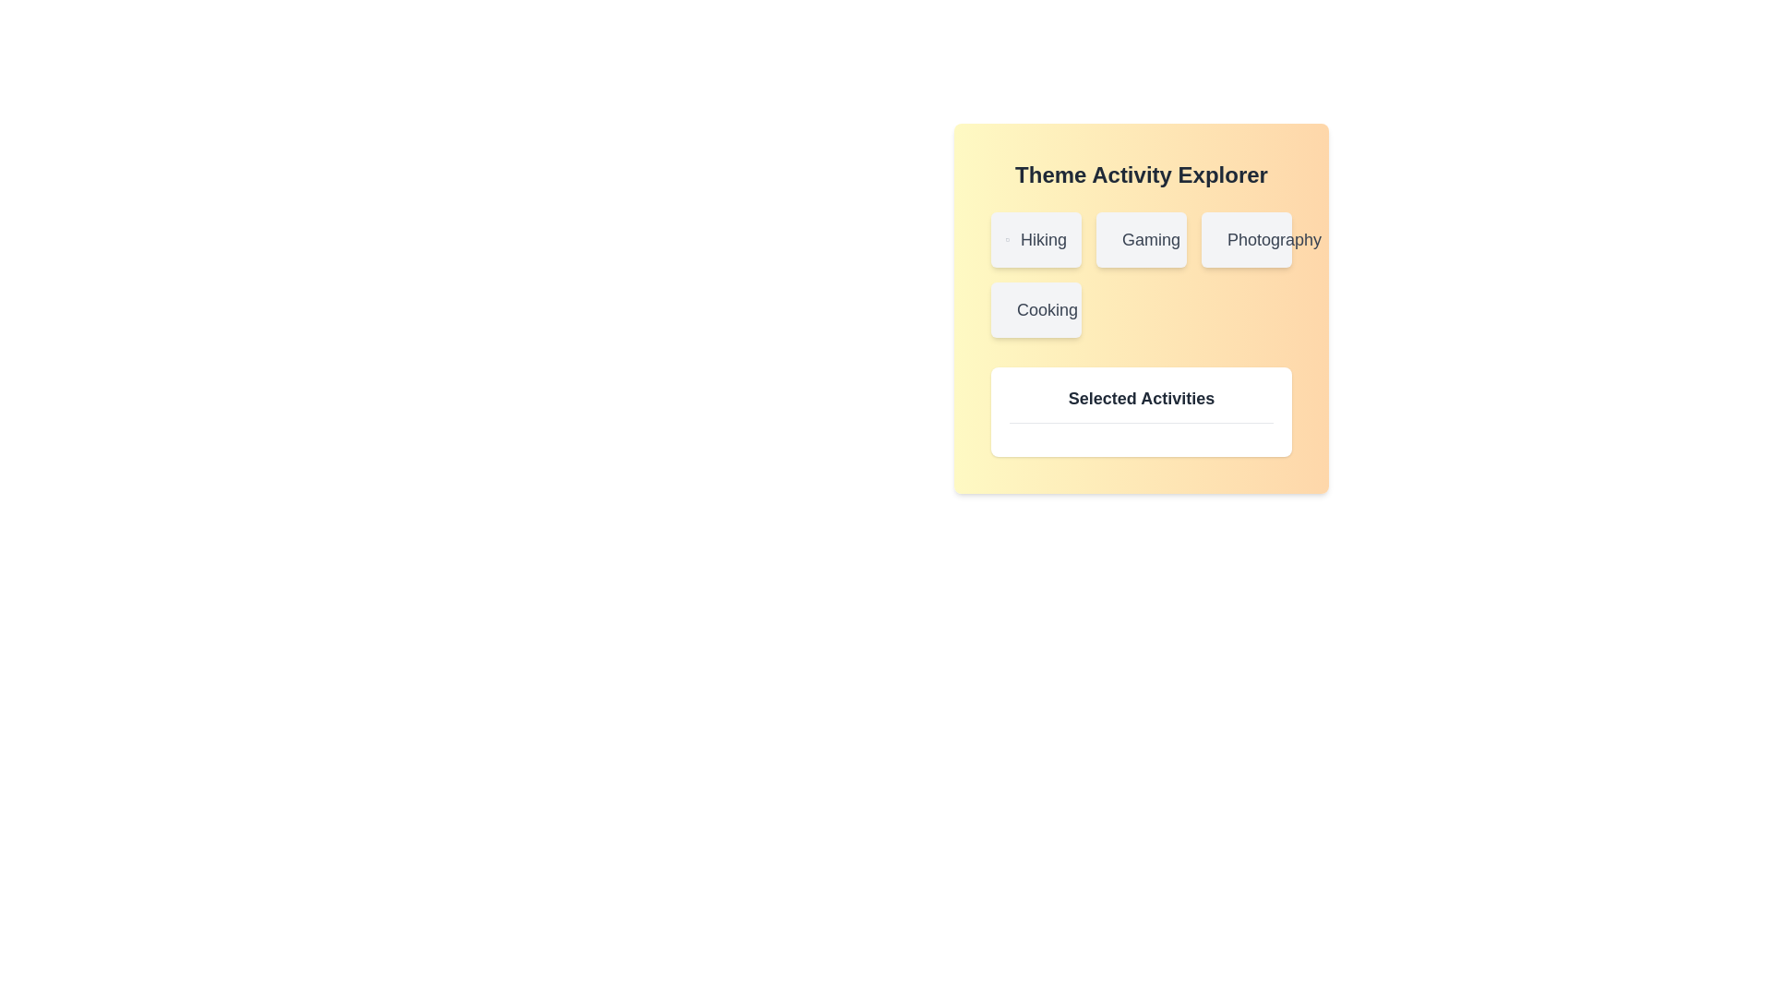  Describe the element at coordinates (1246, 238) in the screenshot. I see `the 'Photography' button, which is the third button in a 2x2 grid of activity buttons, located` at that location.